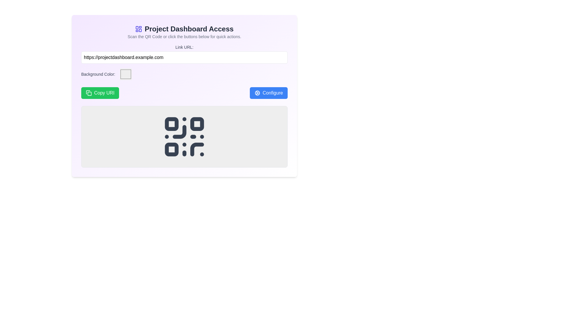 Image resolution: width=563 pixels, height=317 pixels. Describe the element at coordinates (100, 92) in the screenshot. I see `the 'Copy URI' button located on the left-most side of the horizontal section to copy the specific URI to the clipboard` at that location.